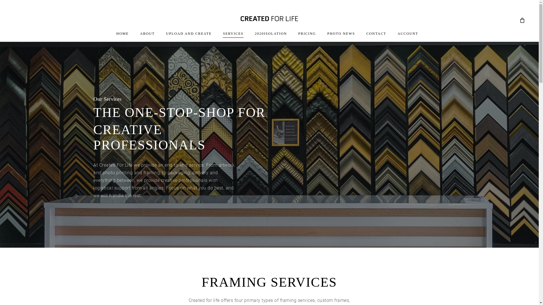 The width and height of the screenshot is (543, 305). What do you see at coordinates (376, 36) in the screenshot?
I see `'CONTACT'` at bounding box center [376, 36].